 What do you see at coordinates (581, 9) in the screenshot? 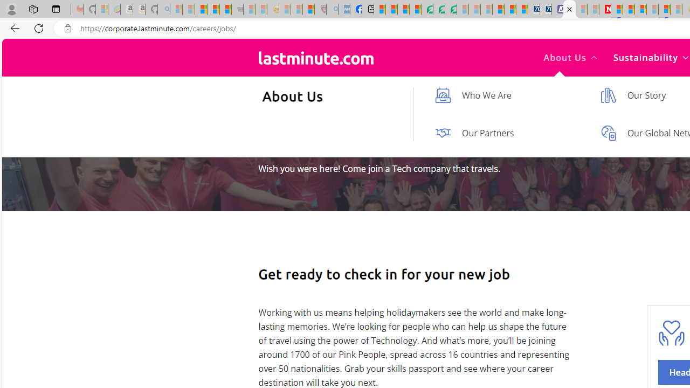
I see `'Microsoft account | Privacy - Sleeping'` at bounding box center [581, 9].